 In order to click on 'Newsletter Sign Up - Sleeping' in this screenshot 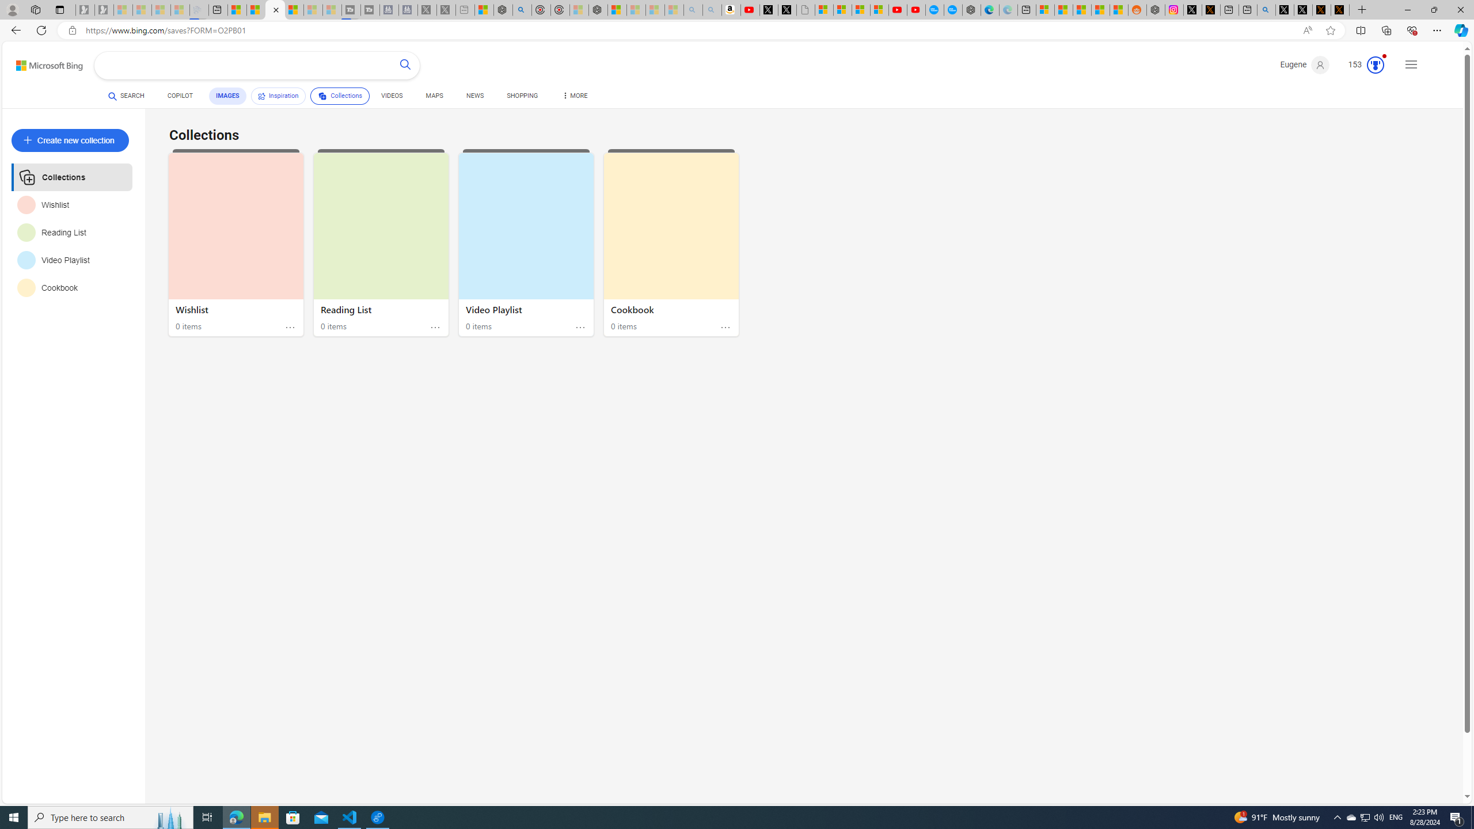, I will do `click(103, 9)`.